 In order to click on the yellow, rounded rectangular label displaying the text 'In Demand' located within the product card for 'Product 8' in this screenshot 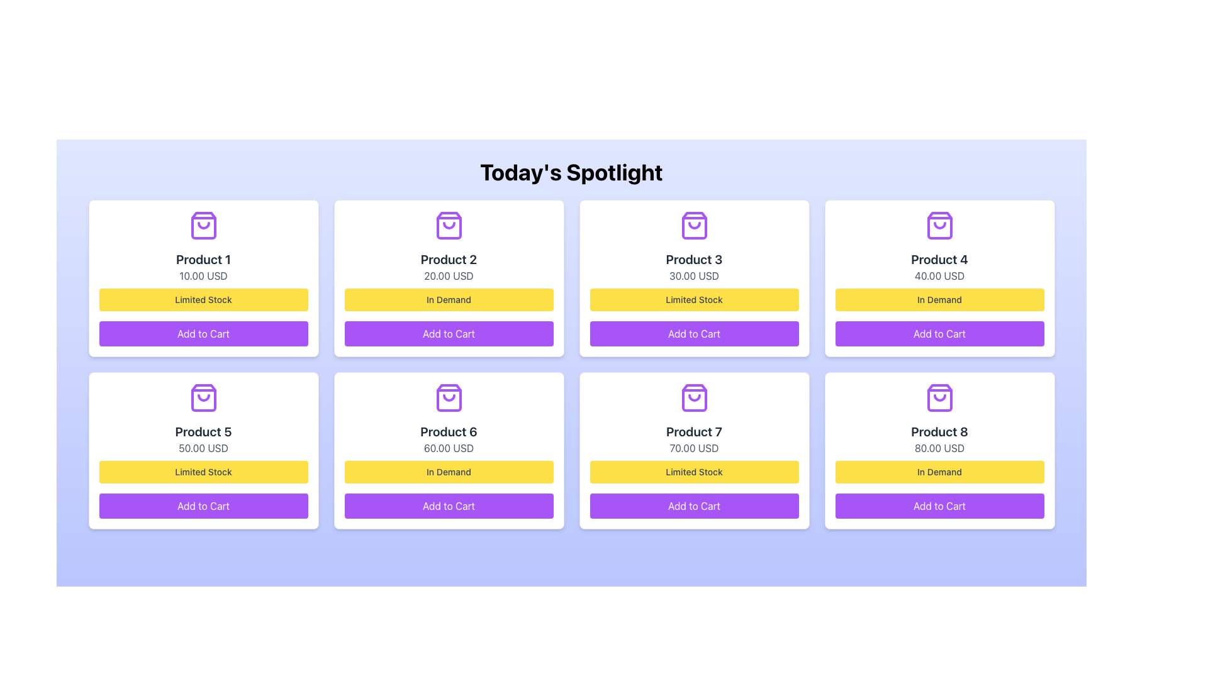, I will do `click(939, 472)`.